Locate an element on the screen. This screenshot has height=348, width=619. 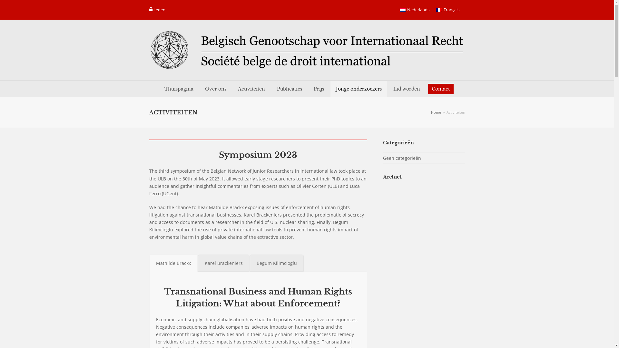
'Leden ' is located at coordinates (159, 10).